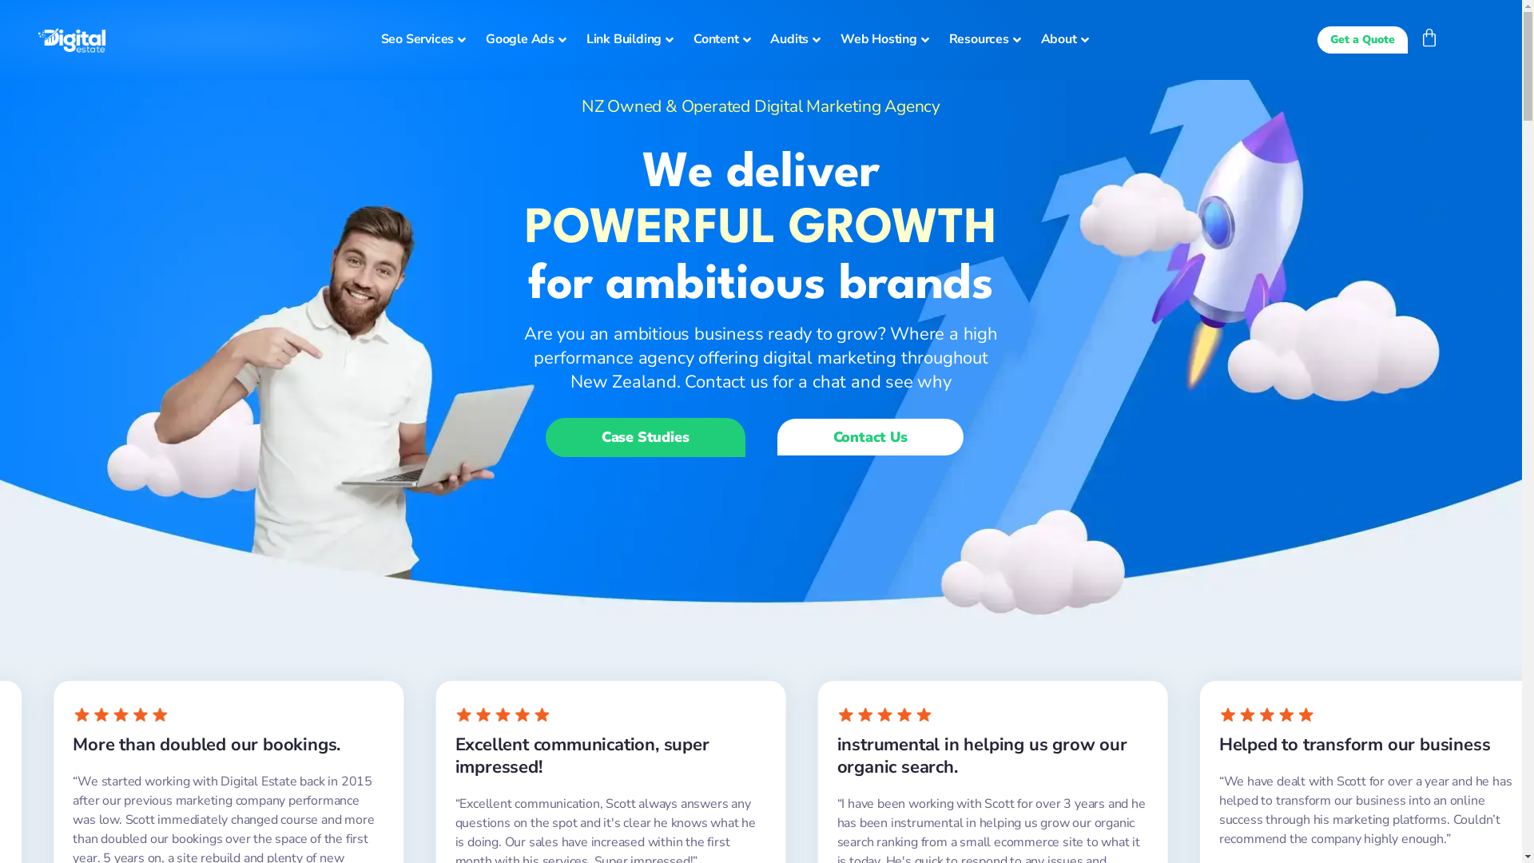 This screenshot has height=863, width=1534. What do you see at coordinates (631, 39) in the screenshot?
I see `'Link Building'` at bounding box center [631, 39].